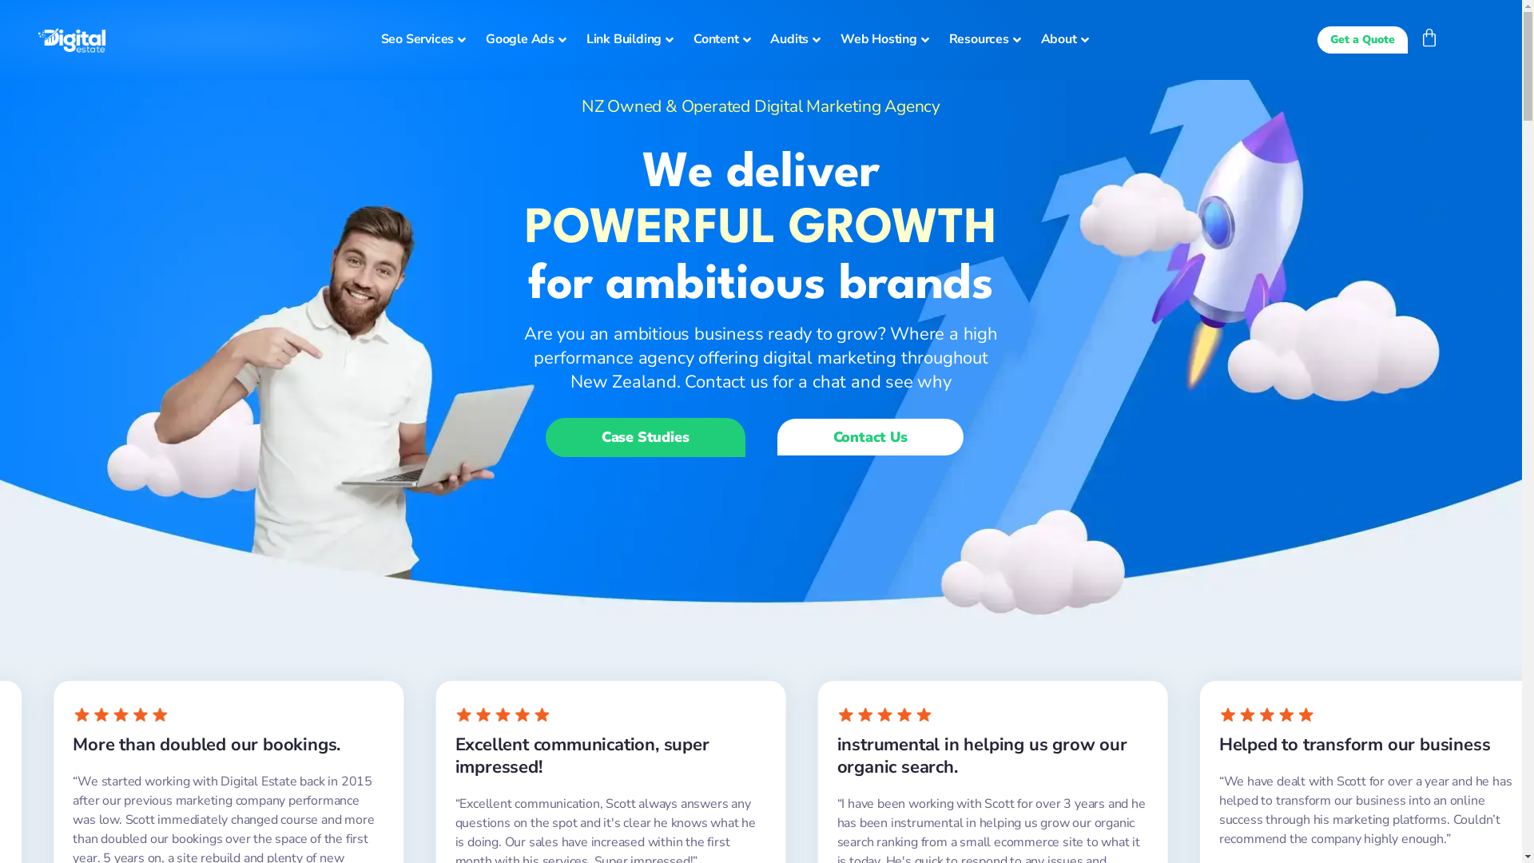 This screenshot has height=863, width=1534. What do you see at coordinates (631, 39) in the screenshot?
I see `'Link Building'` at bounding box center [631, 39].